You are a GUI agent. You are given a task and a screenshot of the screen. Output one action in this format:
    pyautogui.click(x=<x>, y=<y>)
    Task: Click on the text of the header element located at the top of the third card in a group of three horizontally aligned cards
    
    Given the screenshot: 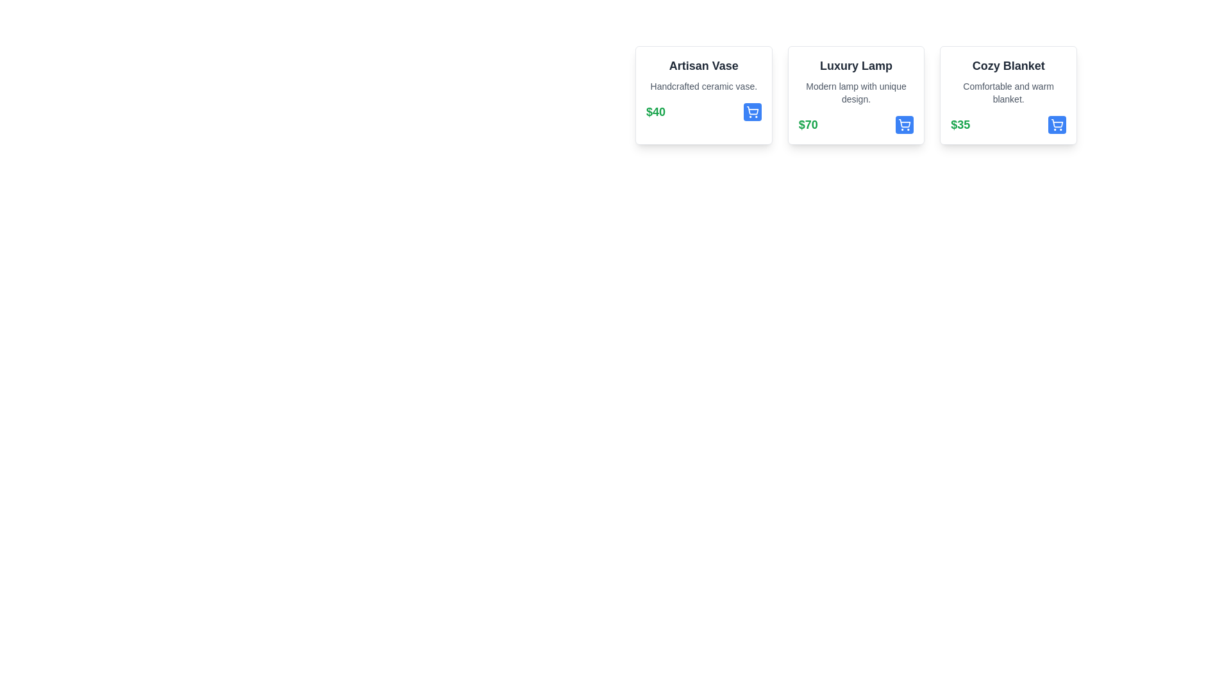 What is the action you would take?
    pyautogui.click(x=1008, y=66)
    